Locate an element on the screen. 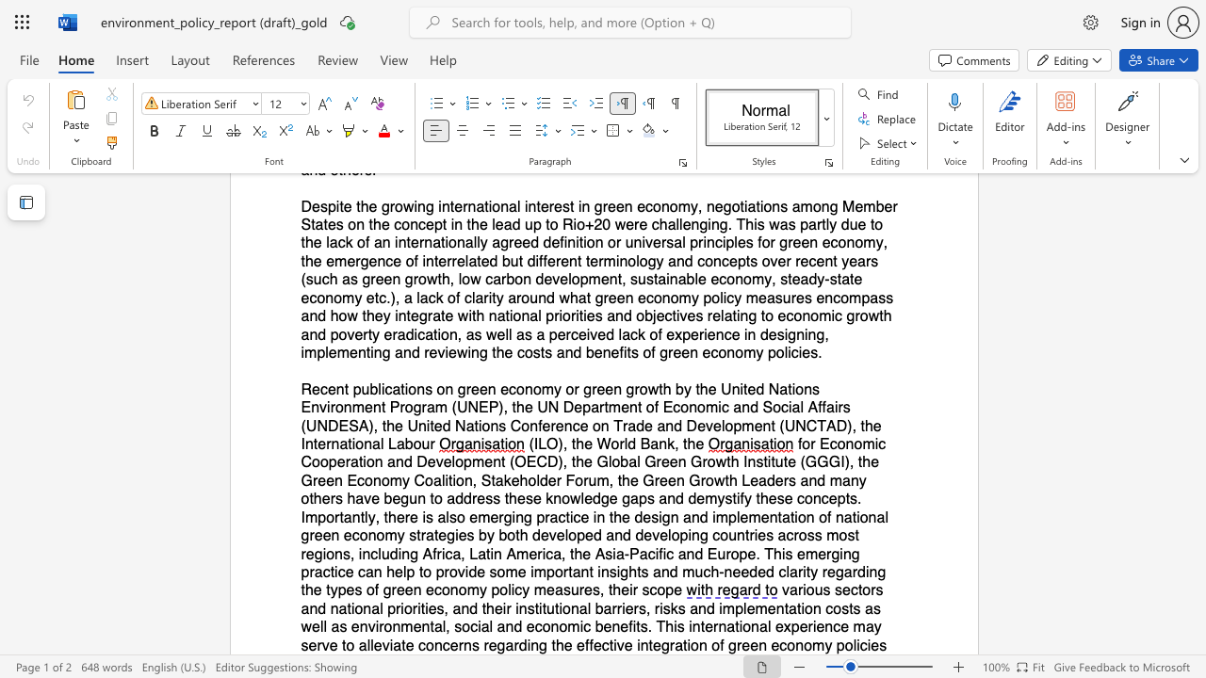 The height and width of the screenshot is (678, 1206). the subset text "ience may" within the text "and economic benefits. This international experience may serve to alleviate concerns" is located at coordinates (812, 627).